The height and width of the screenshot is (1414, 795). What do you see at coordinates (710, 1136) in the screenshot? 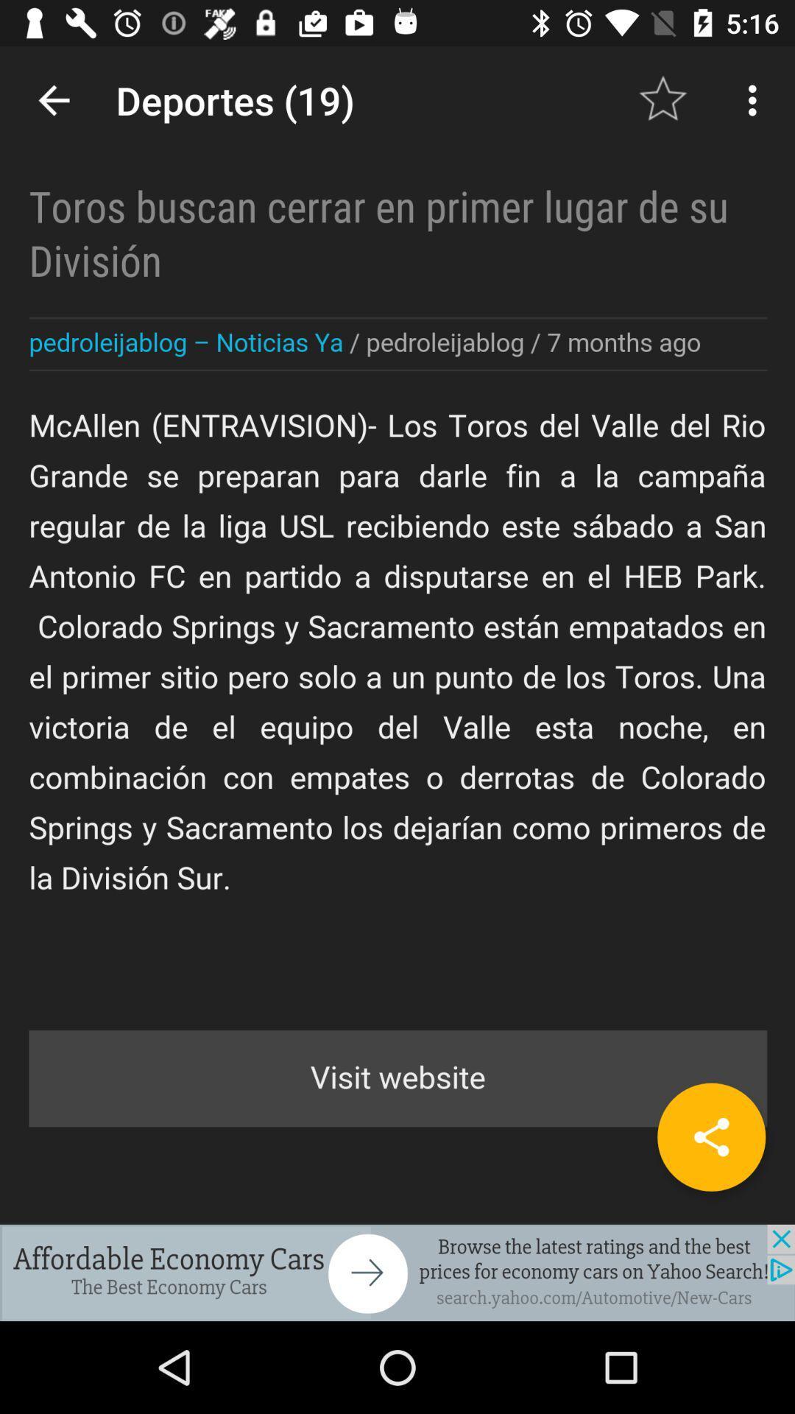
I see `the share icon` at bounding box center [710, 1136].